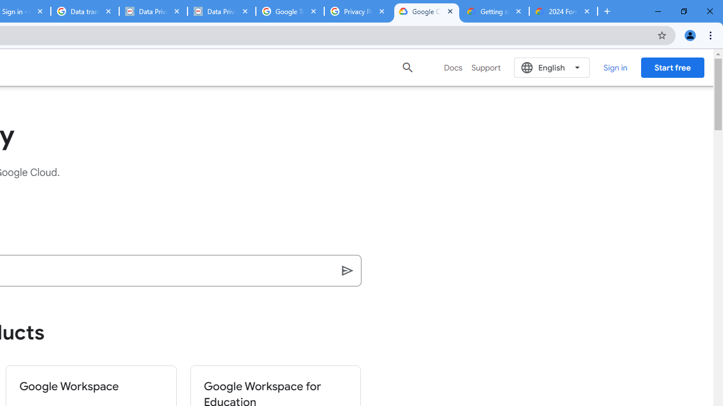 The image size is (723, 406). What do you see at coordinates (453, 67) in the screenshot?
I see `'Docs'` at bounding box center [453, 67].